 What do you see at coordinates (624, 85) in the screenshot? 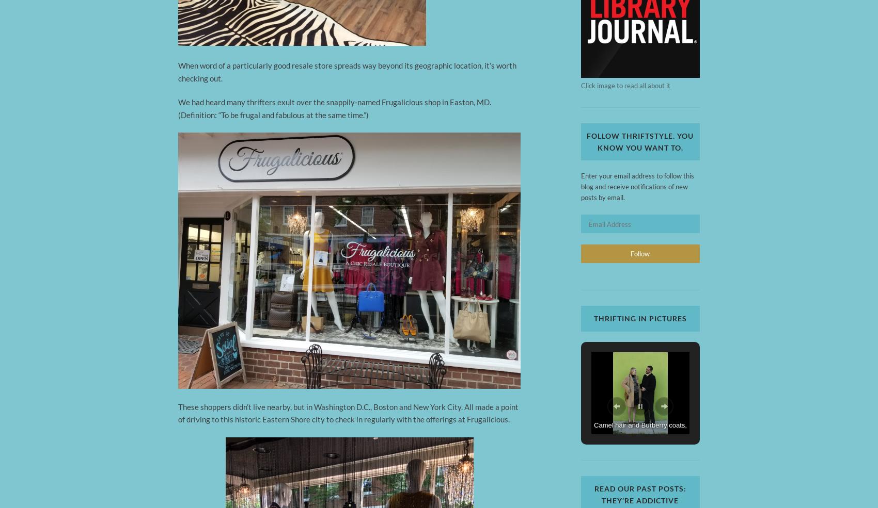
I see `'Click image to read all about it'` at bounding box center [624, 85].